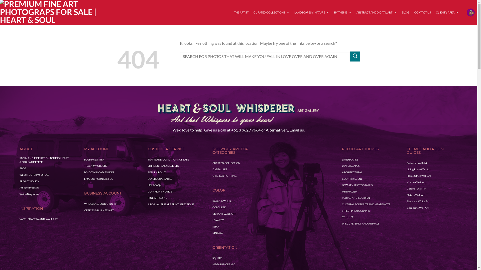 The height and width of the screenshot is (270, 481). I want to click on 'MY DOWNLOAD FOLDER', so click(99, 172).